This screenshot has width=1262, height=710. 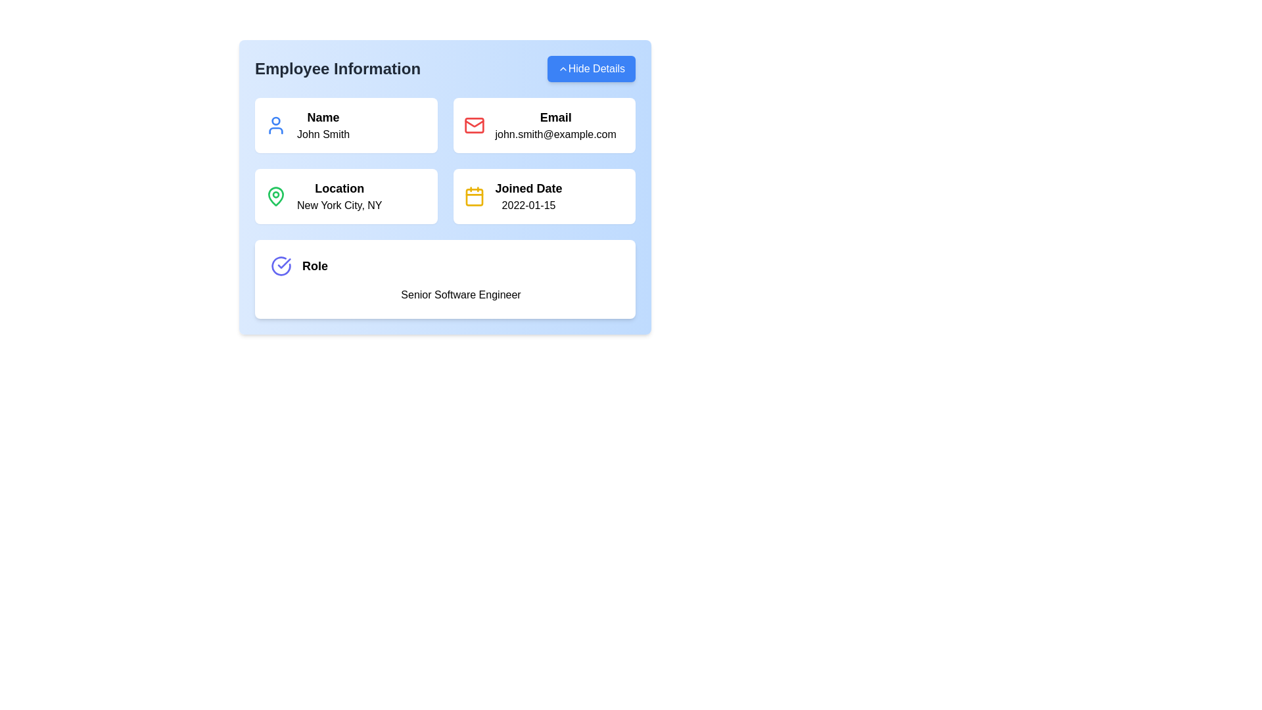 I want to click on text content of the 'Senior Software Engineer' label, which is centrally aligned below the 'Role' heading in the 'Employee Information' panel, so click(x=461, y=294).